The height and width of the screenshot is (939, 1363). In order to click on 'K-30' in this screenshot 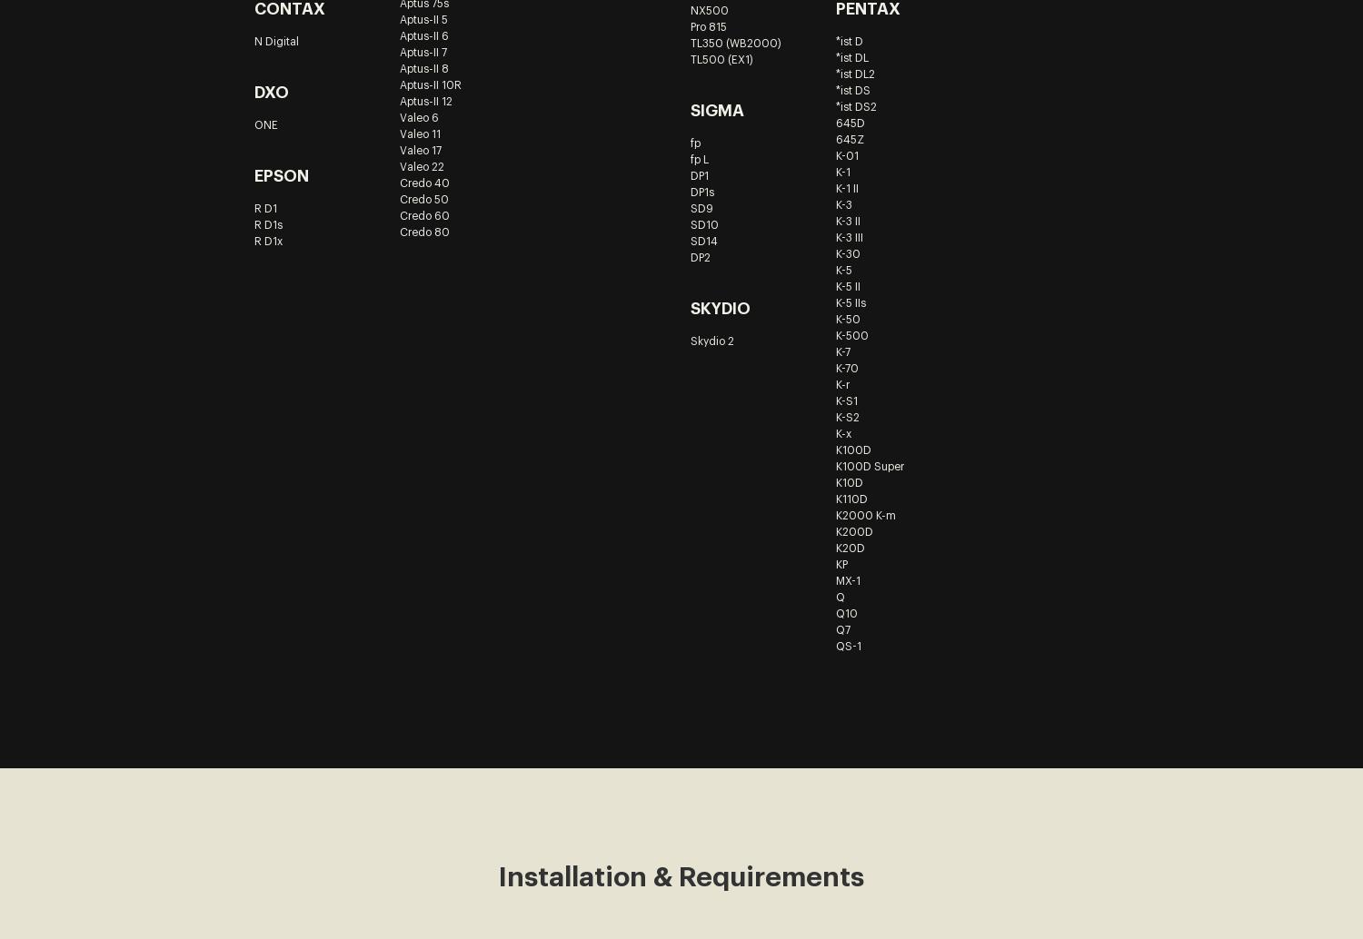, I will do `click(835, 253)`.